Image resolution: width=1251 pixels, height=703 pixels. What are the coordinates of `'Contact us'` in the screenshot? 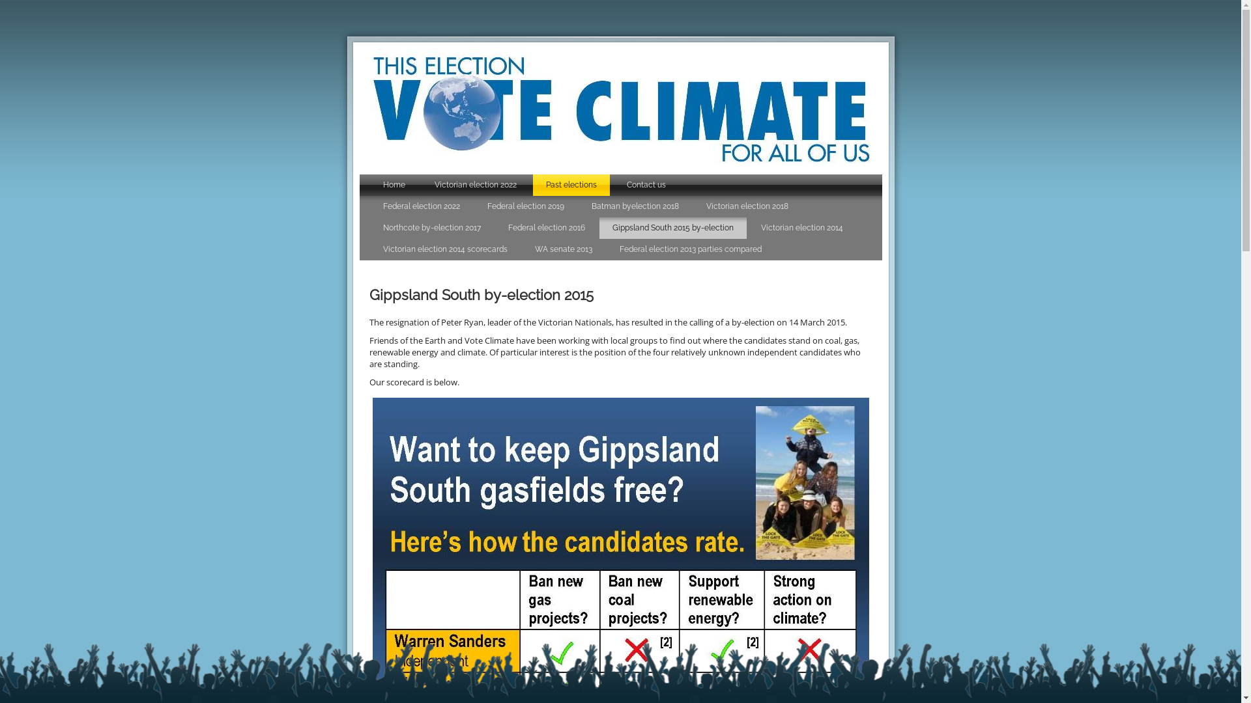 It's located at (612, 185).